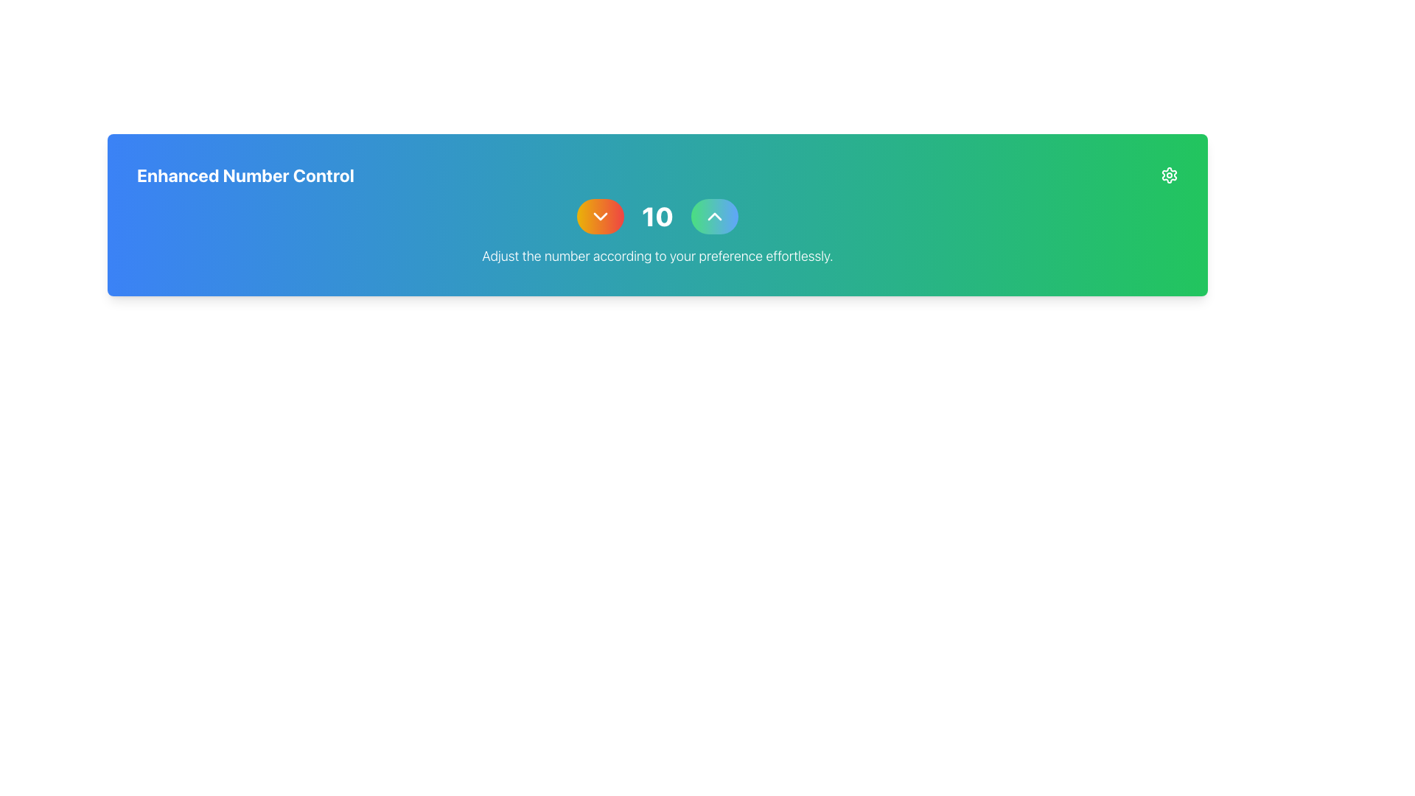 The height and width of the screenshot is (796, 1415). What do you see at coordinates (601, 216) in the screenshot?
I see `the decrement button located to the left of the number '10' in the middle section of the panel to reduce the displayed numerical value` at bounding box center [601, 216].